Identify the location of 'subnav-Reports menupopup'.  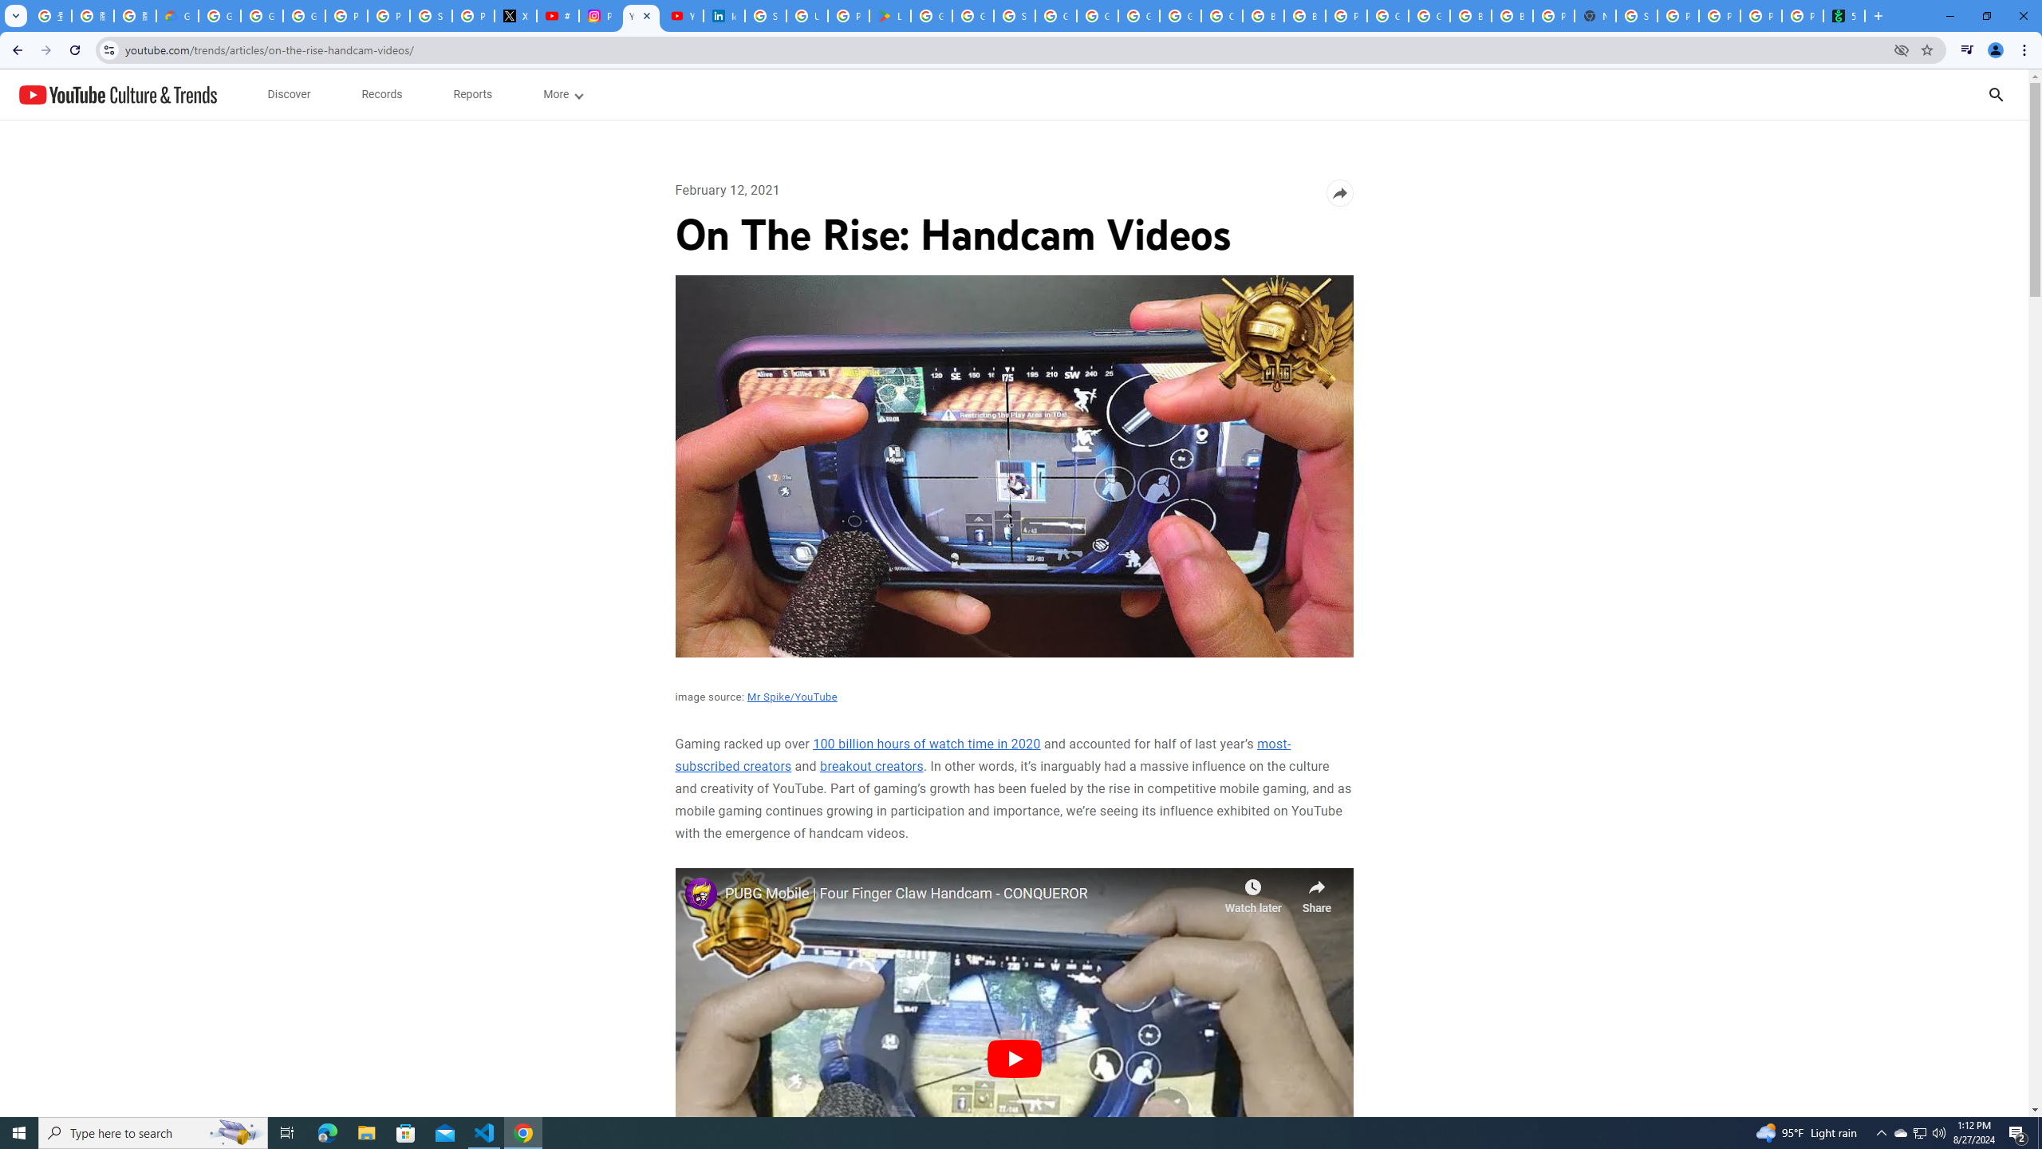
(471, 94).